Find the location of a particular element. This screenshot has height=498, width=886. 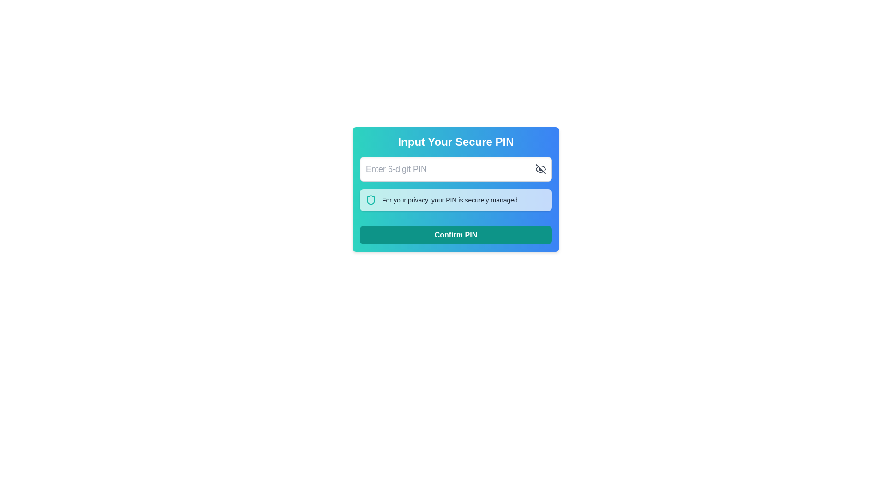

the visibility toggler icon located at the right-end of the PIN input box is located at coordinates (540, 169).